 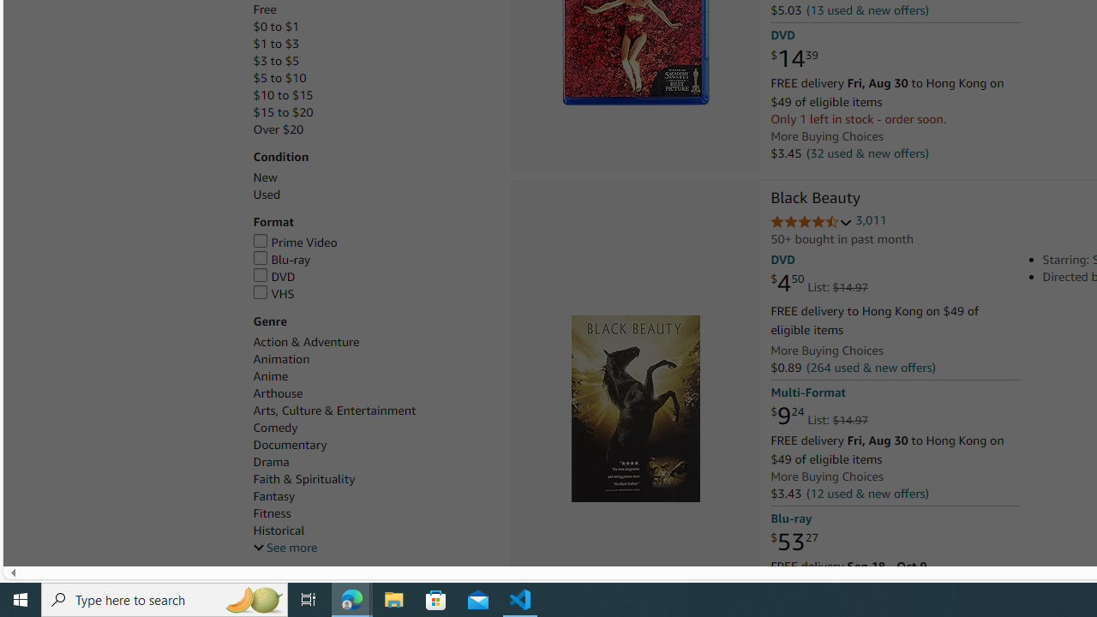 I want to click on 'See more, Genre', so click(x=285, y=548).